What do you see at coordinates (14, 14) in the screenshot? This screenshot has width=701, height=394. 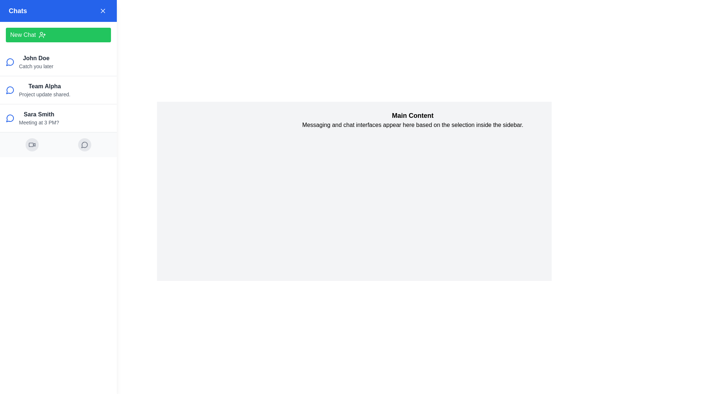 I see `the rounded blue button with white text and an 'X' icon located in the top-left corner of the interface` at bounding box center [14, 14].